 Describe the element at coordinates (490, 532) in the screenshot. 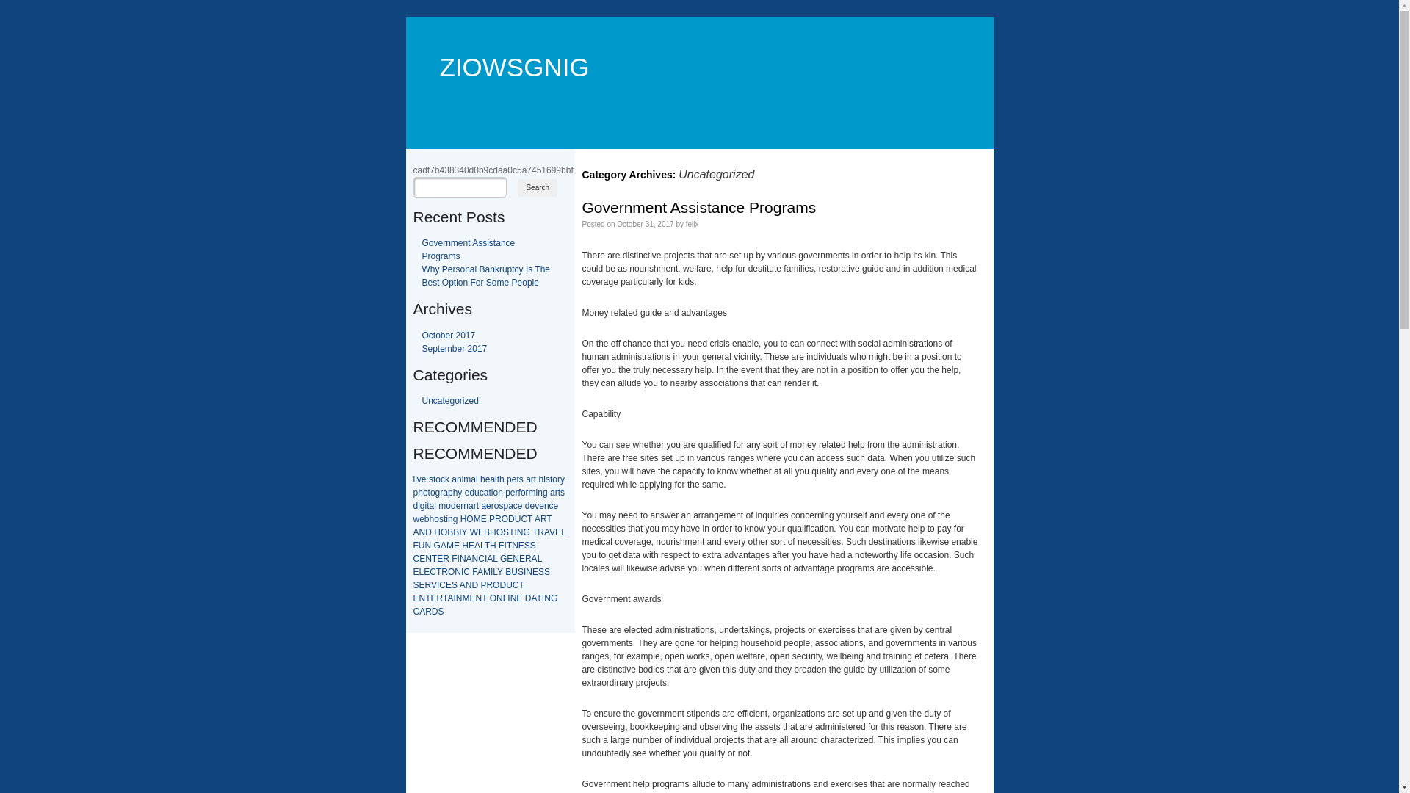

I see `'H'` at that location.